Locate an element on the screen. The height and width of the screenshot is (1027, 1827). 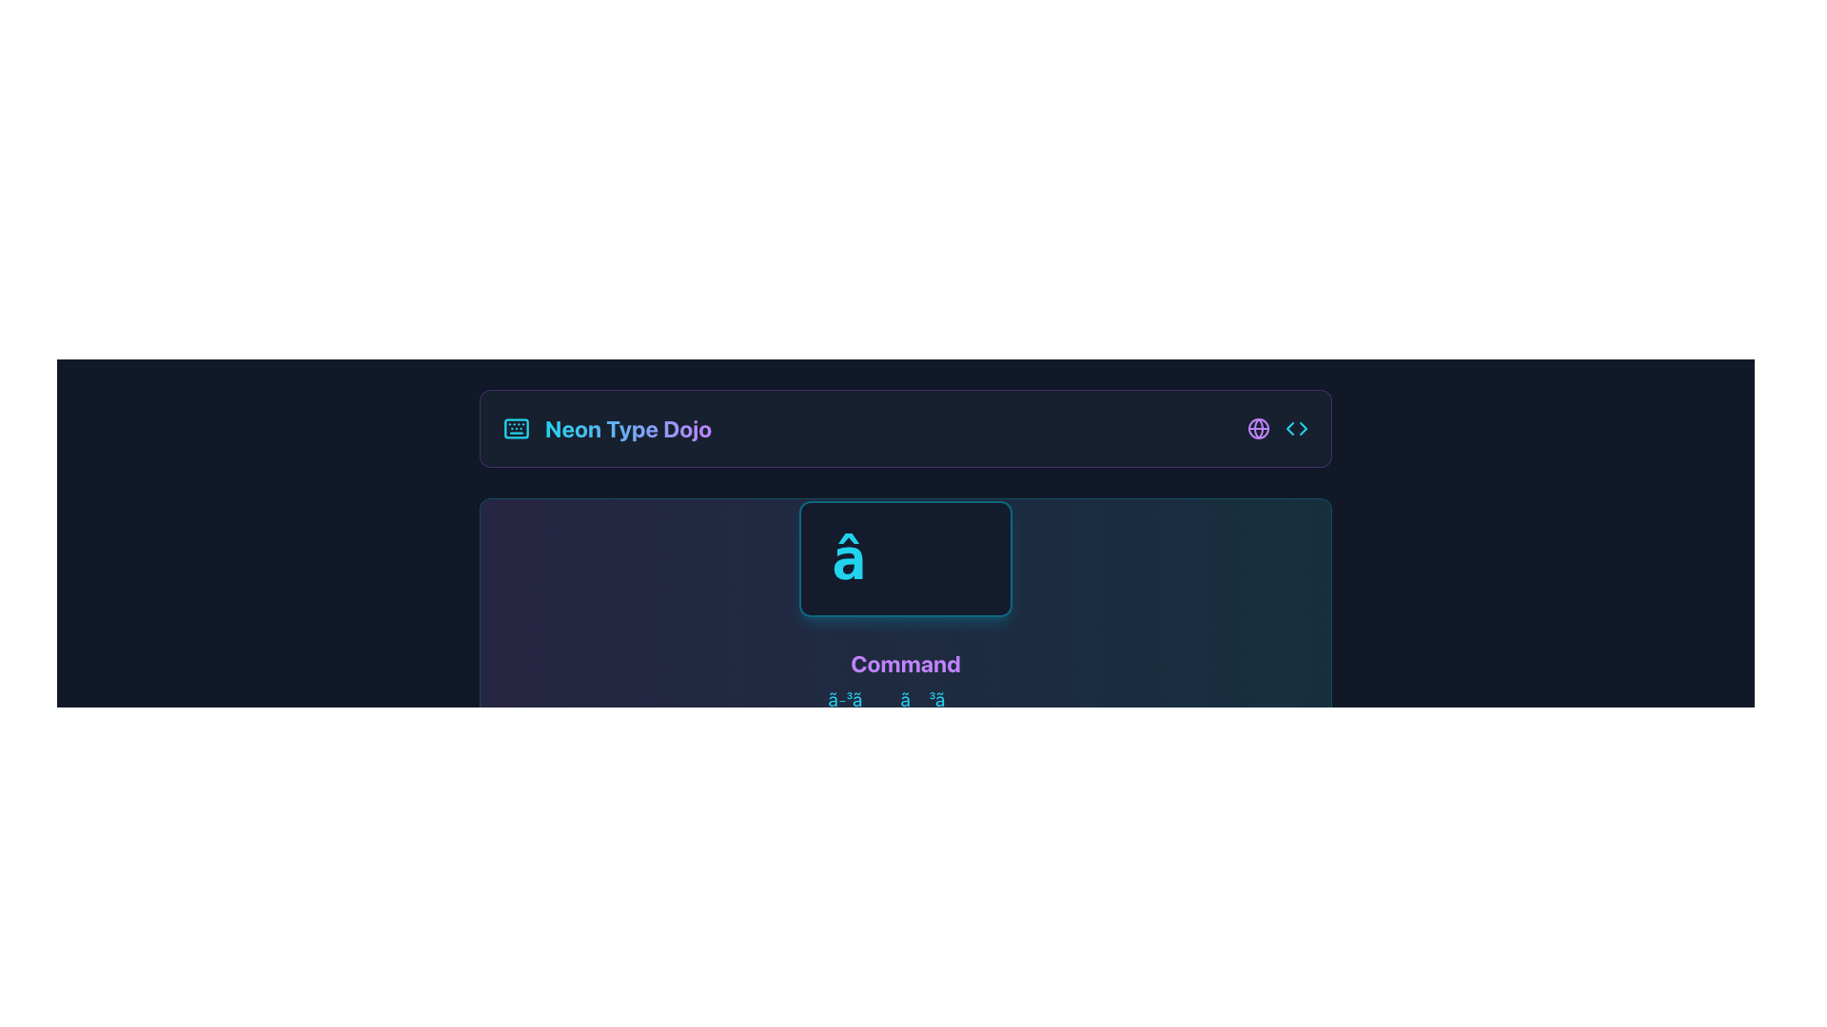
the 'Neon Type Dojo' label, which is styled with bold, gradient text from cyan to purple and positioned next to a cyan-colored keyboard icon is located at coordinates (606, 429).